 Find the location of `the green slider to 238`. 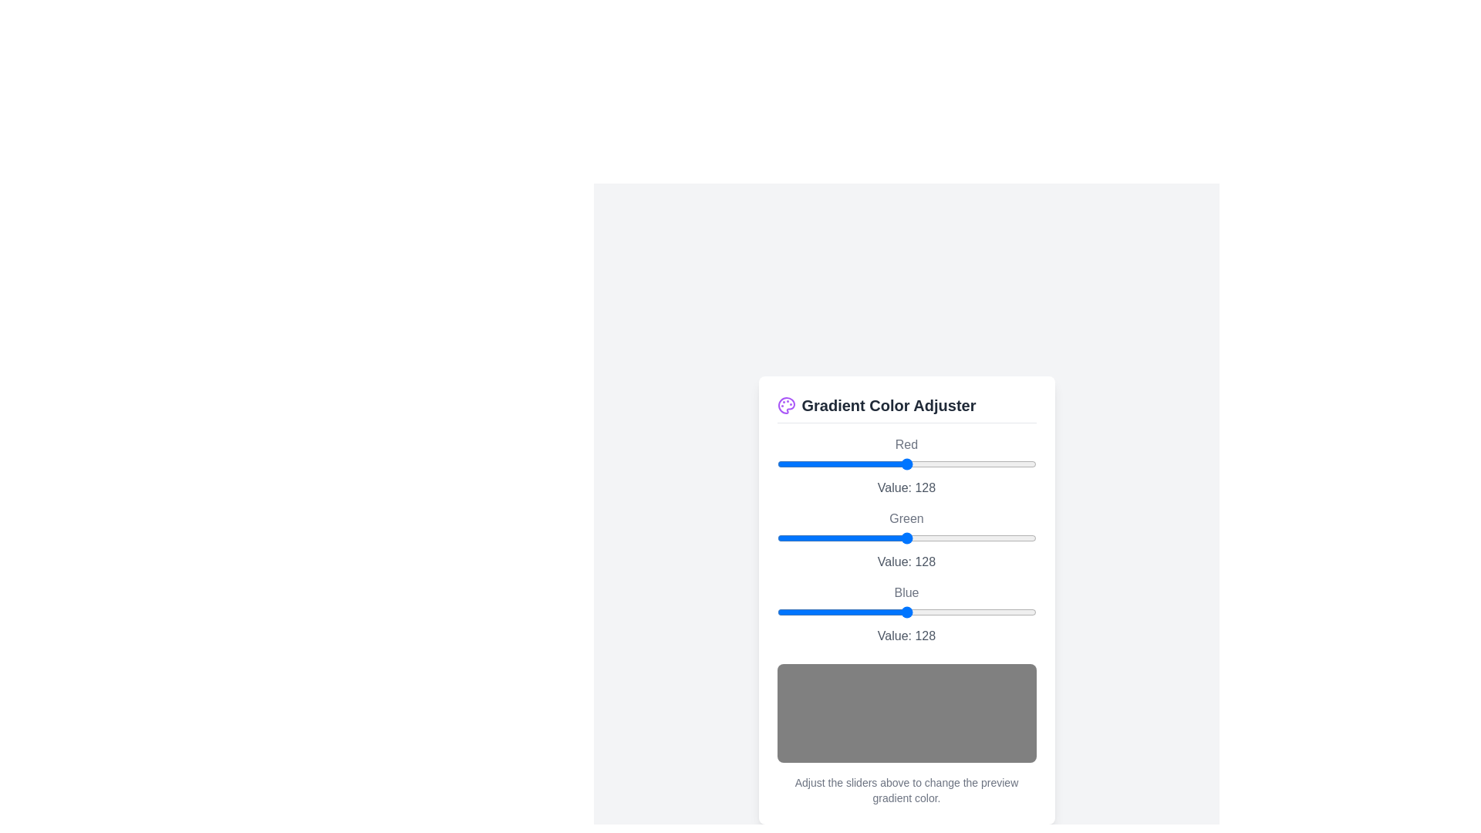

the green slider to 238 is located at coordinates (1019, 537).